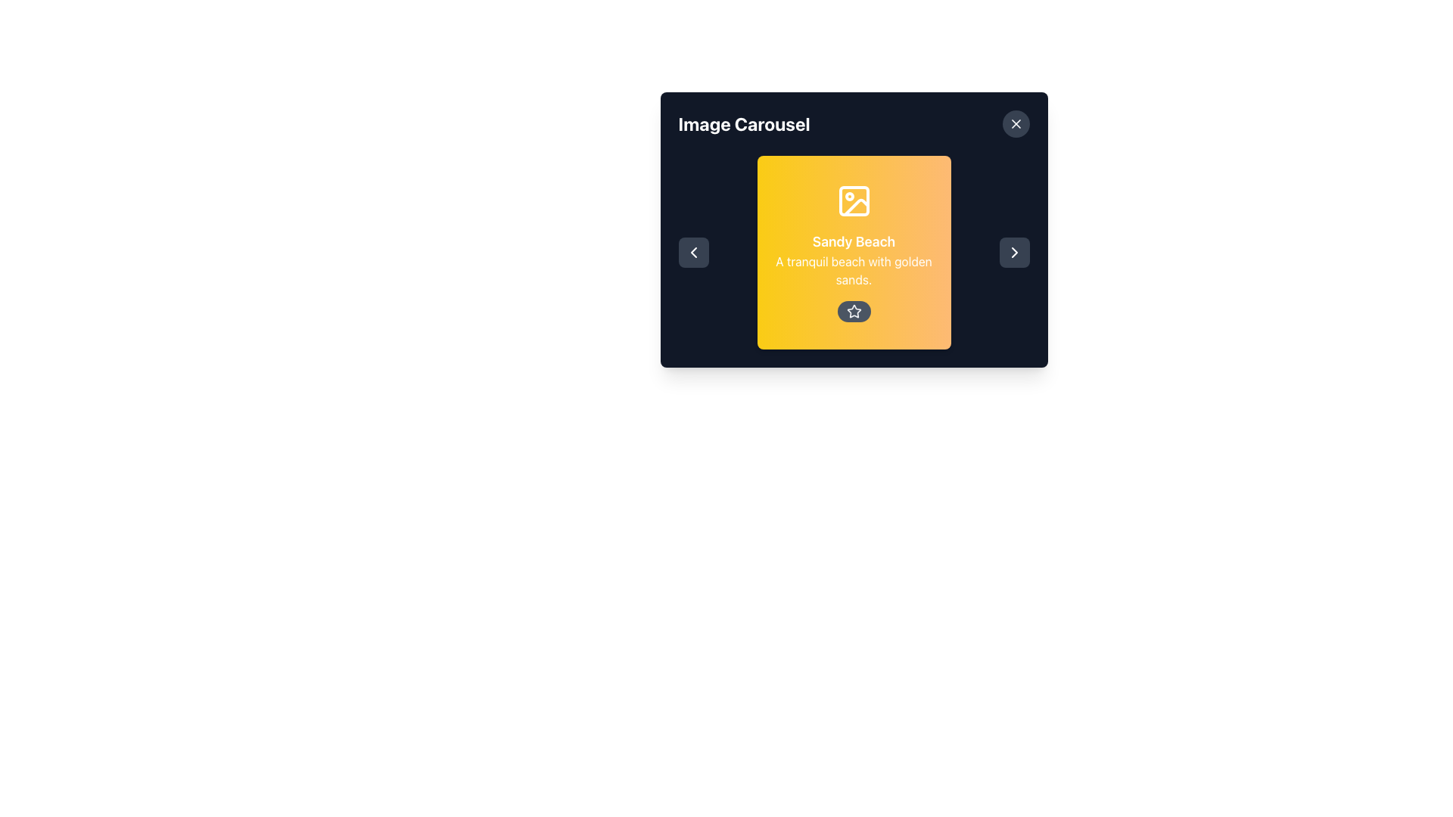  Describe the element at coordinates (744, 123) in the screenshot. I see `the static textual label that serves as a heading for the carousel interface, positioned to the left of an interactive button styled as a circular icon` at that location.